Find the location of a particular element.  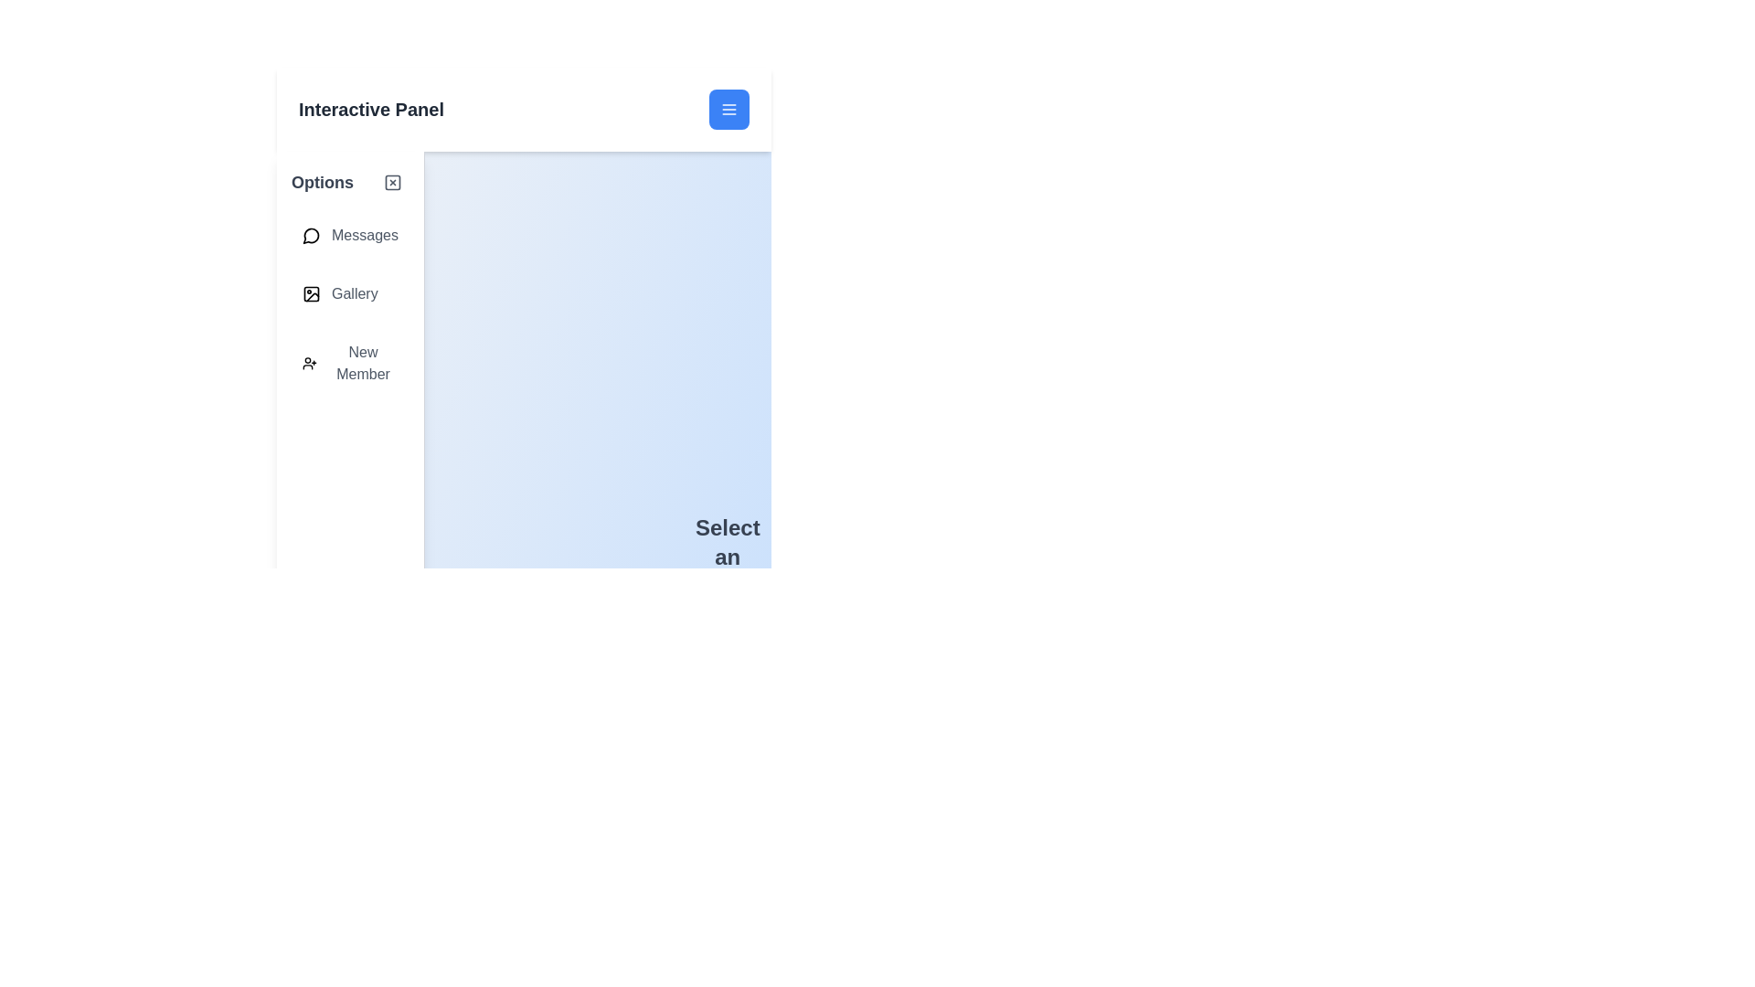

the Text Label that indicates an option or feature related to adding or viewing new members, which is located in the vertical sidebar menu below 'Messages' and 'Gallery' is located at coordinates (363, 363).